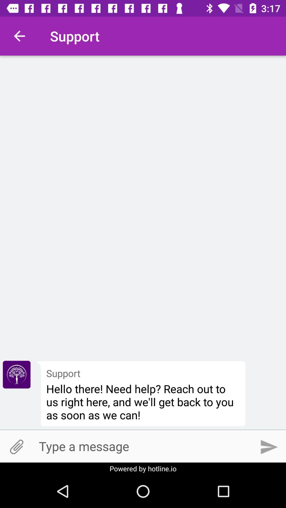 The height and width of the screenshot is (508, 286). I want to click on hello there need, so click(143, 402).